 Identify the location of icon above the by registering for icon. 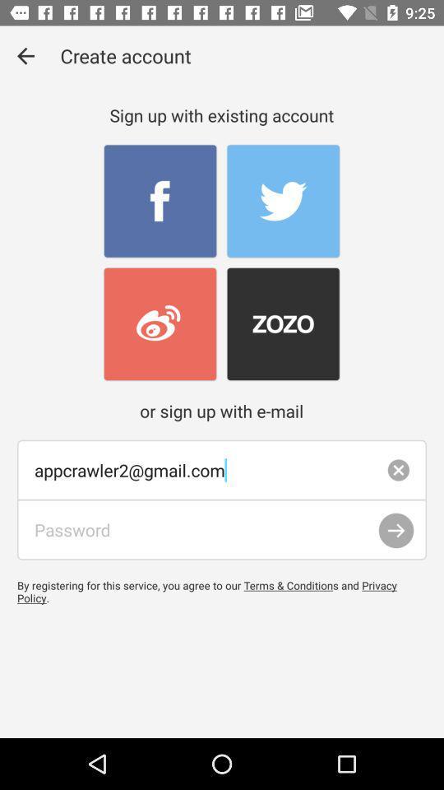
(222, 528).